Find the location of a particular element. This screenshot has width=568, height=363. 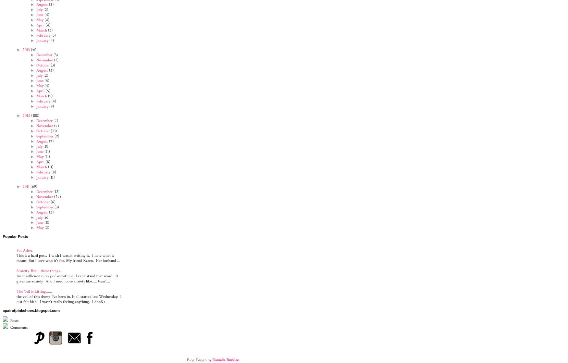

'For Asher.' is located at coordinates (24, 250).